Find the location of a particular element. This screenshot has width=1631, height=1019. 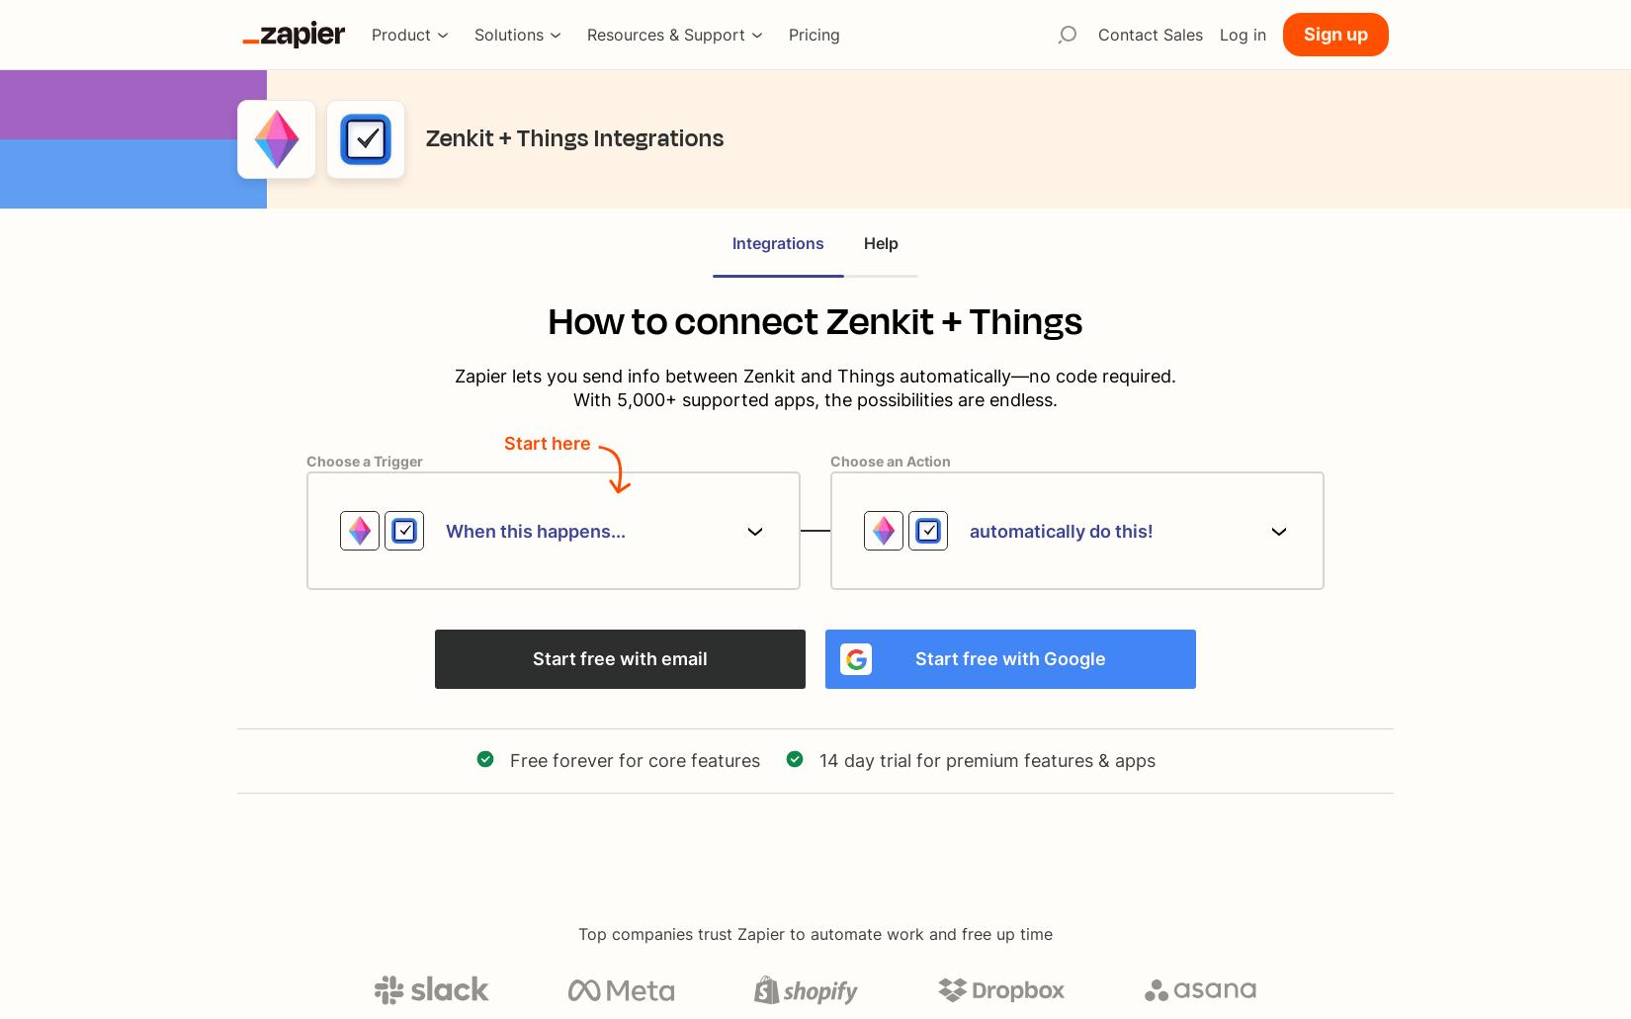

'Start here' is located at coordinates (547, 443).